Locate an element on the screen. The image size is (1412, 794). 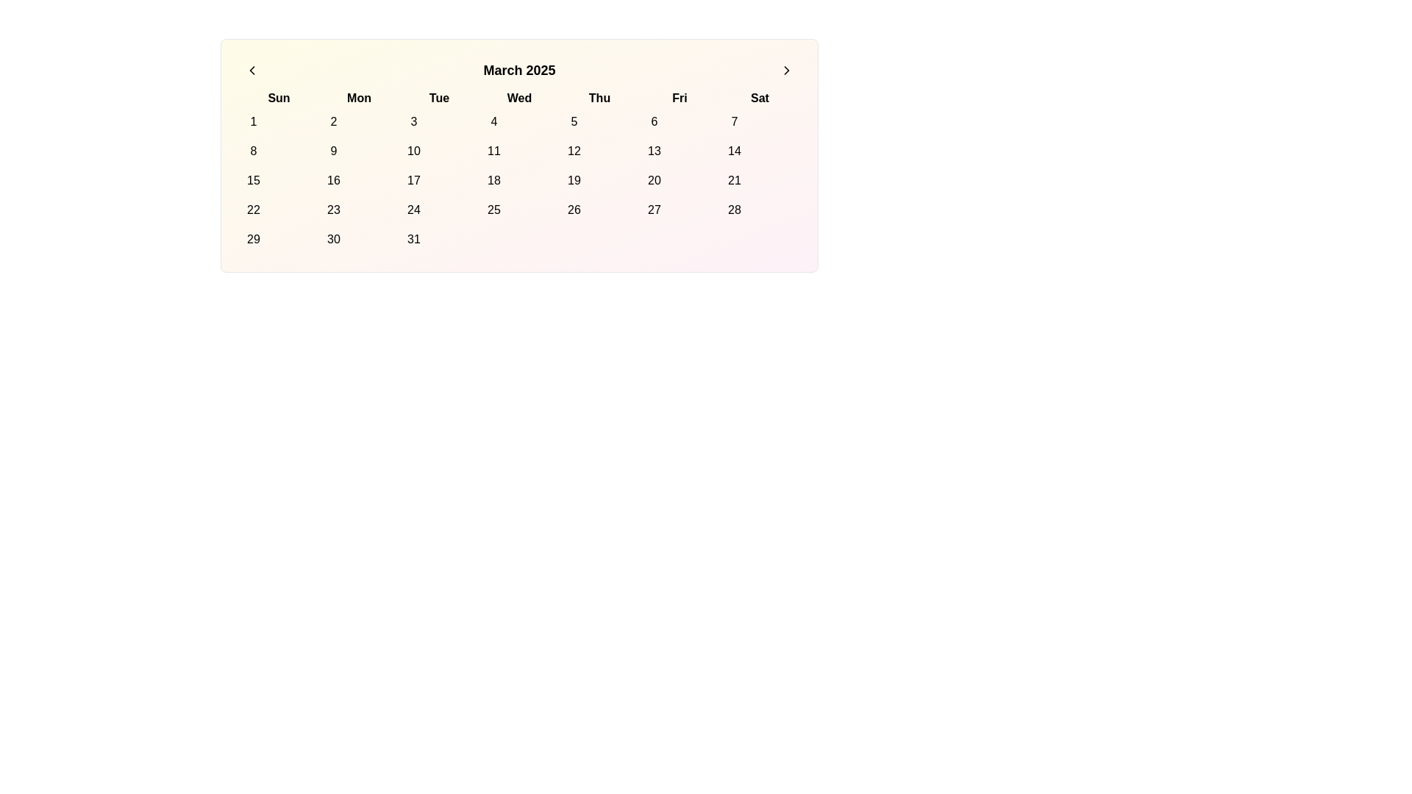
the interactive button representing a calendar day located at the intersection of the second column in the fifth row is located at coordinates (333, 180).